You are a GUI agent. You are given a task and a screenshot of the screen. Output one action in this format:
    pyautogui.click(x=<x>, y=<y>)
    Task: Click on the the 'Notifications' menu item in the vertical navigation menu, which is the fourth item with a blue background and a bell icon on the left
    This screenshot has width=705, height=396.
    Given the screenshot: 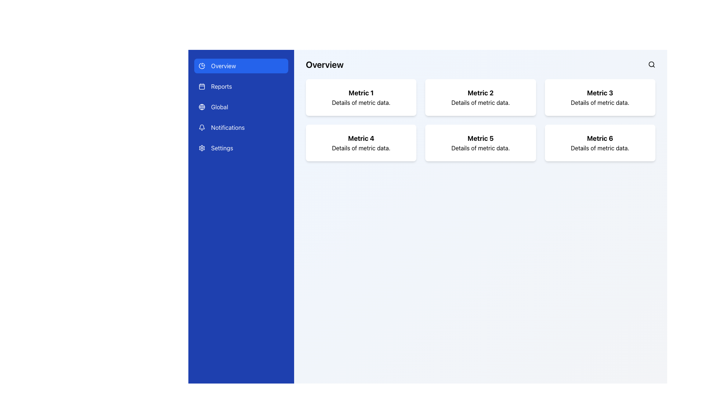 What is the action you would take?
    pyautogui.click(x=241, y=127)
    